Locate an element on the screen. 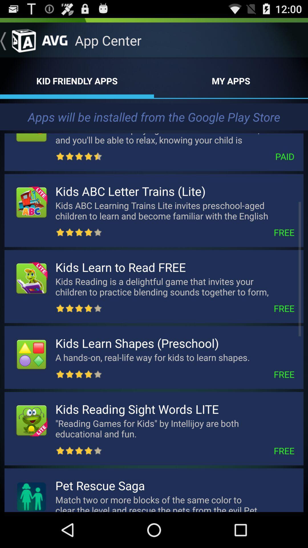 The width and height of the screenshot is (308, 548). the icon below kids learn shapes is located at coordinates (165, 357).